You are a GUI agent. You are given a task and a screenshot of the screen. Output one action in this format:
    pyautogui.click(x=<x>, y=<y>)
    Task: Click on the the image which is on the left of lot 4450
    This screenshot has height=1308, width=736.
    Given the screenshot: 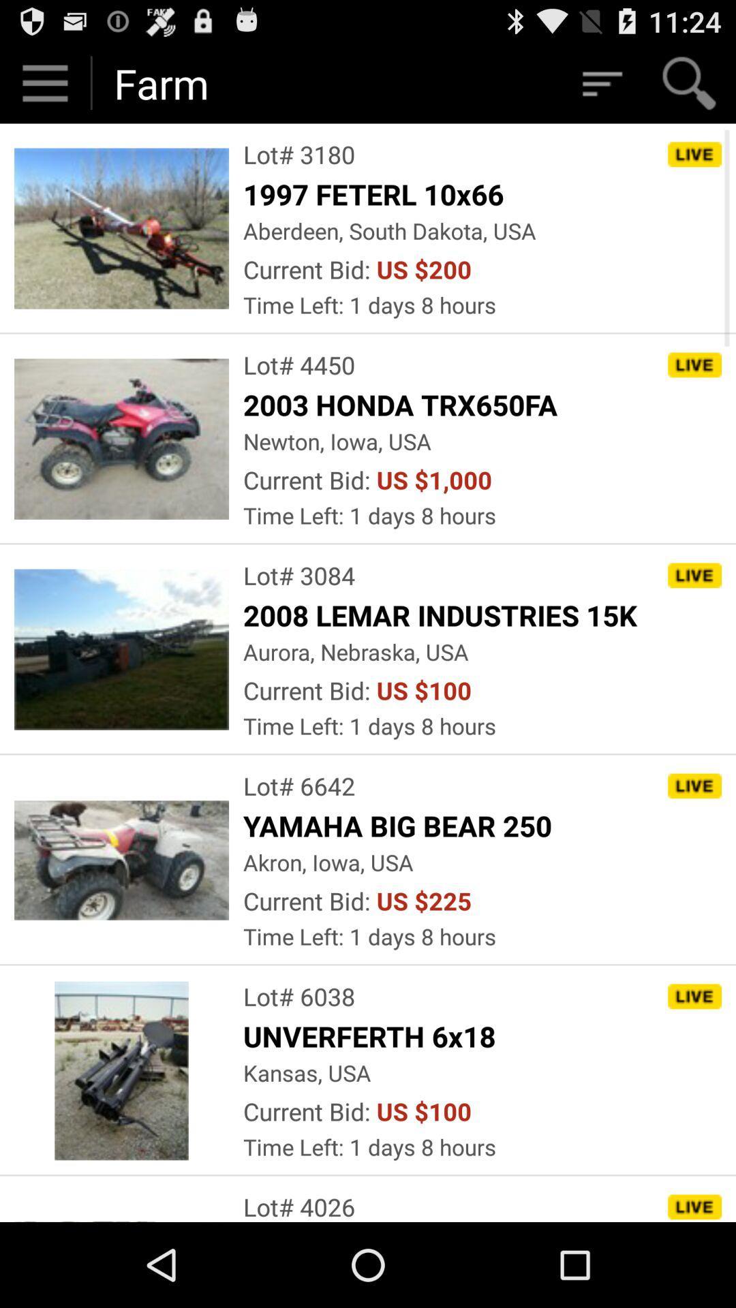 What is the action you would take?
    pyautogui.click(x=121, y=439)
    